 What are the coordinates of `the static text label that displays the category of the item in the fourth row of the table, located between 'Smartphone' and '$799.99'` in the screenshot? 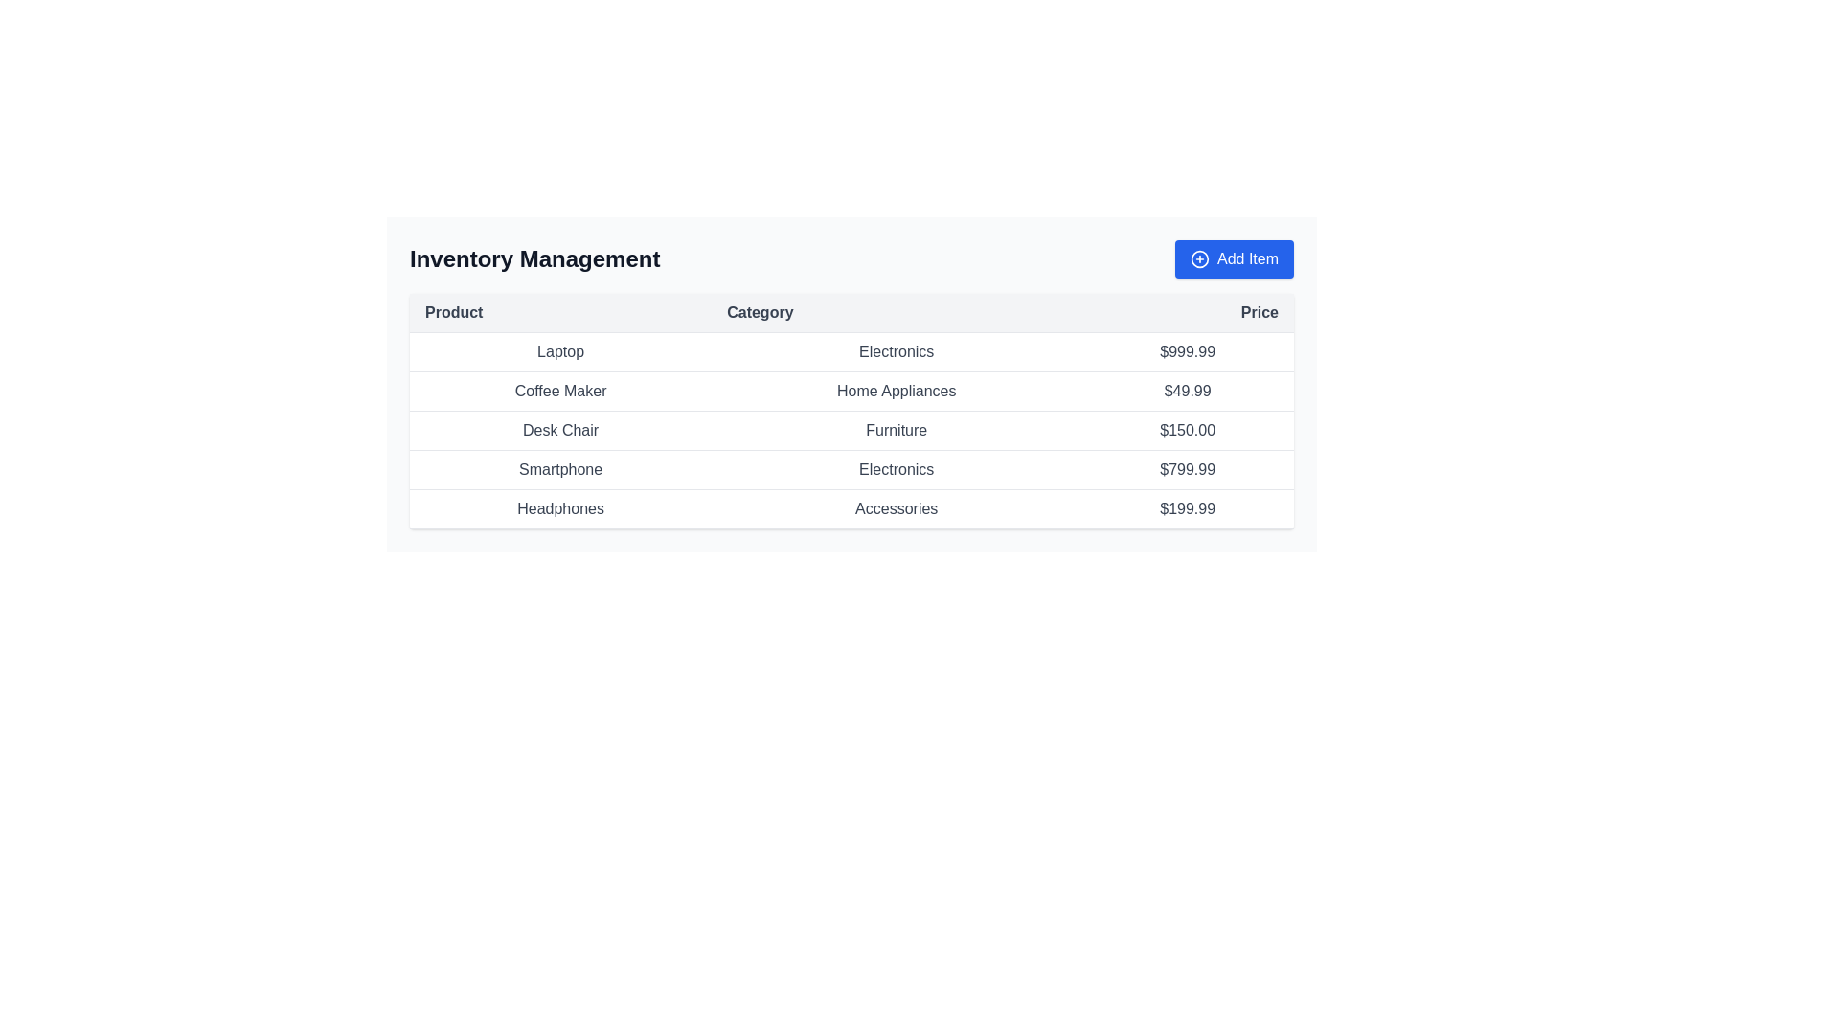 It's located at (896, 469).